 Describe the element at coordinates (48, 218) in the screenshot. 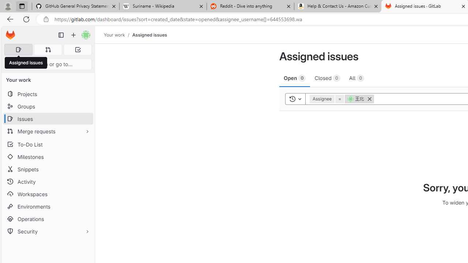

I see `'Operations'` at that location.